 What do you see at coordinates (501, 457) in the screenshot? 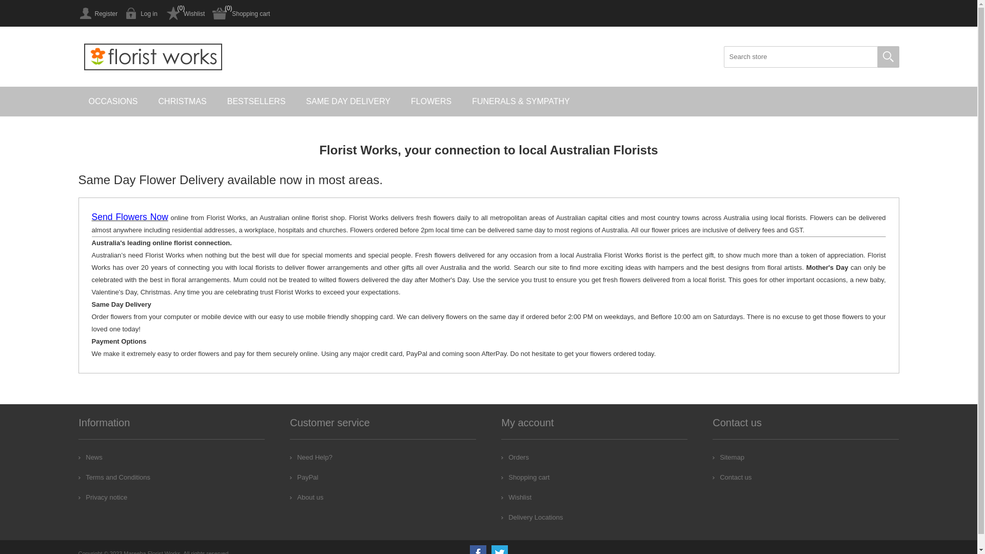
I see `'Orders'` at bounding box center [501, 457].